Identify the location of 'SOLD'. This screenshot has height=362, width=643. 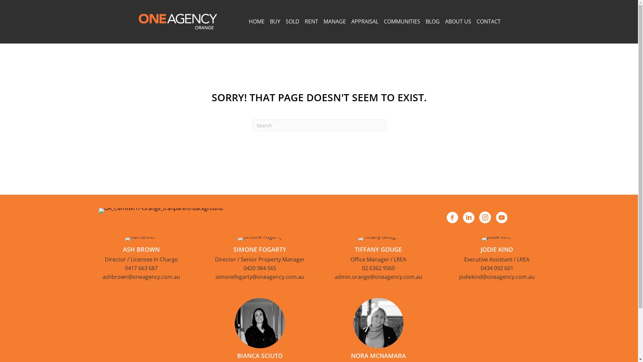
(292, 21).